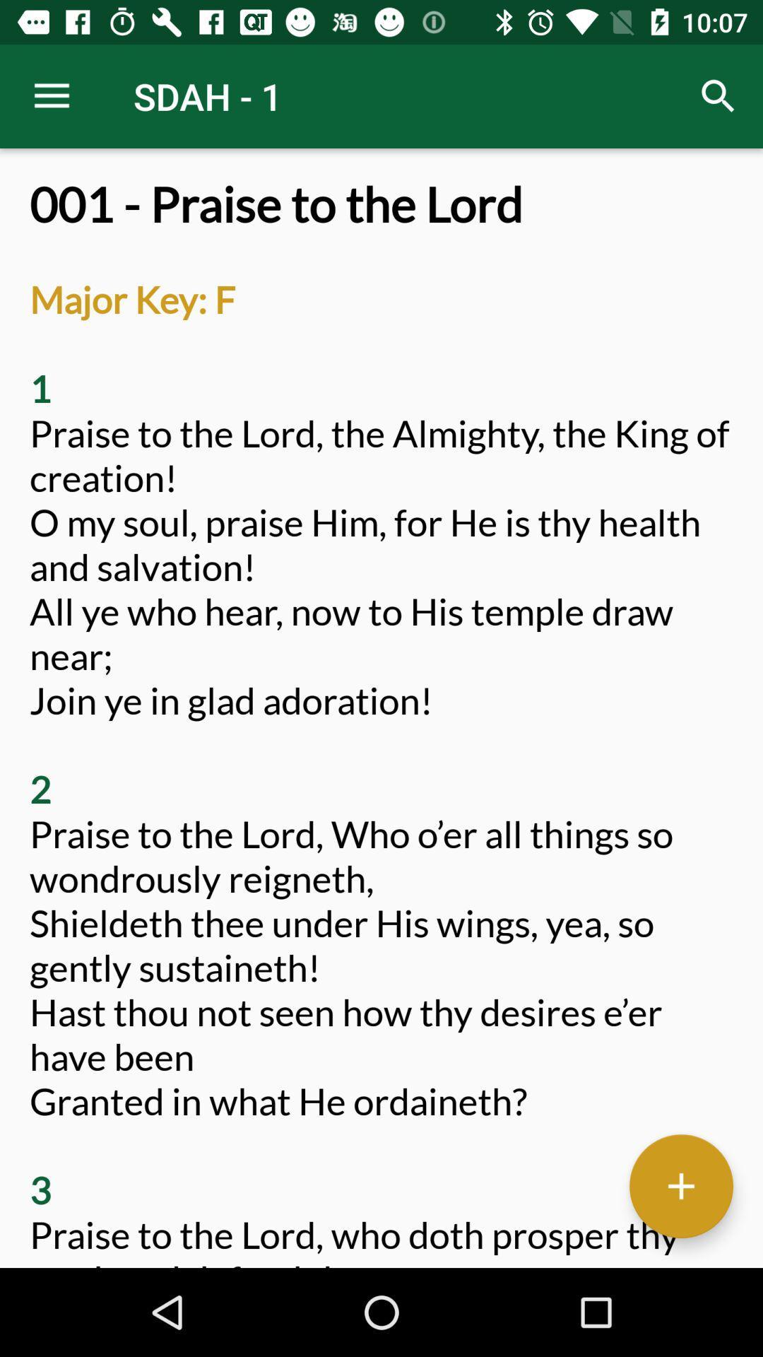 Image resolution: width=763 pixels, height=1357 pixels. Describe the element at coordinates (718, 95) in the screenshot. I see `item at the top right corner` at that location.